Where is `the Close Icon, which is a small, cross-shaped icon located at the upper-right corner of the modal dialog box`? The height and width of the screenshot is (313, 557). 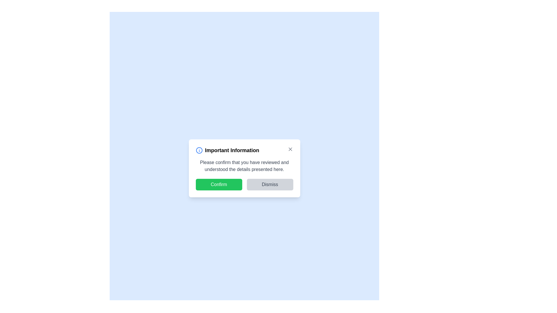 the Close Icon, which is a small, cross-shaped icon located at the upper-right corner of the modal dialog box is located at coordinates (290, 149).